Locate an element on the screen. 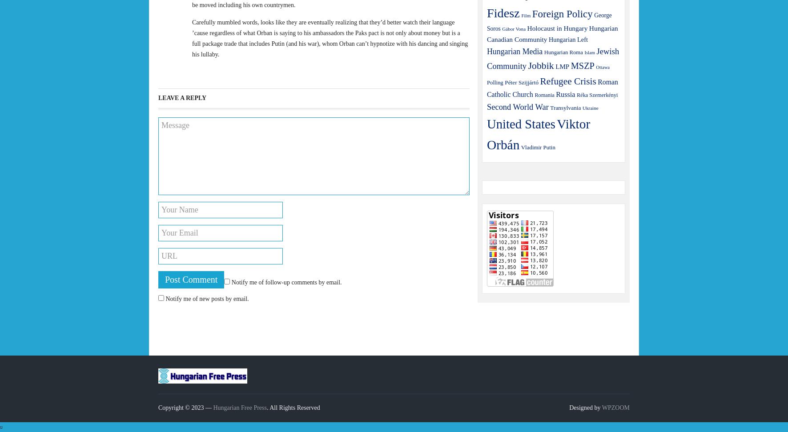 This screenshot has height=432, width=788. 'Roman Catholic Church' is located at coordinates (552, 87).